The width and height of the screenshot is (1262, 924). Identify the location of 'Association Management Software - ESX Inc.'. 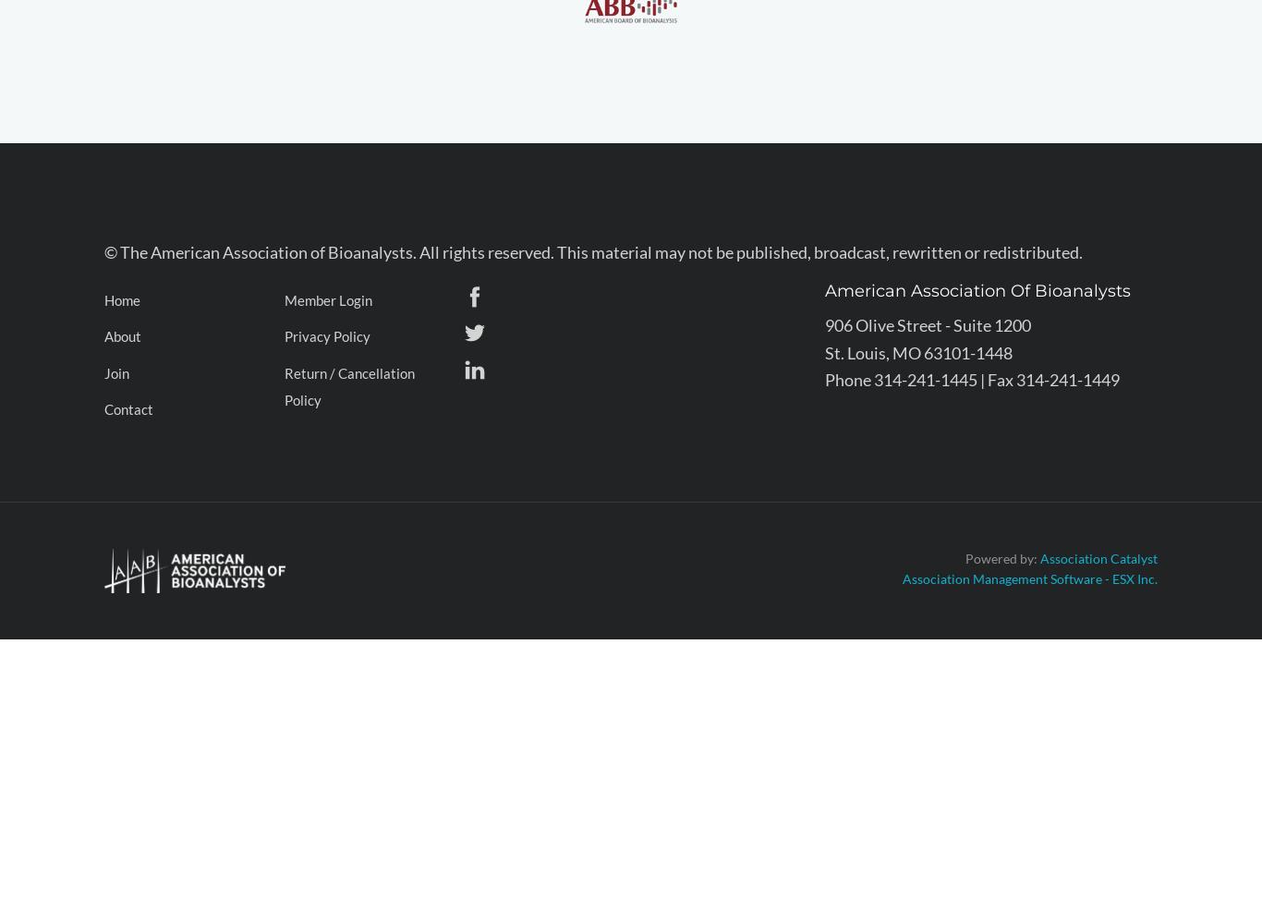
(902, 578).